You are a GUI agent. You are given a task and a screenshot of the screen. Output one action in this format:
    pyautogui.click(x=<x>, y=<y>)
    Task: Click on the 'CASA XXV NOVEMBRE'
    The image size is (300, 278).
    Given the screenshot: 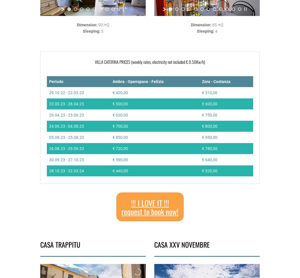 What is the action you would take?
    pyautogui.click(x=154, y=244)
    